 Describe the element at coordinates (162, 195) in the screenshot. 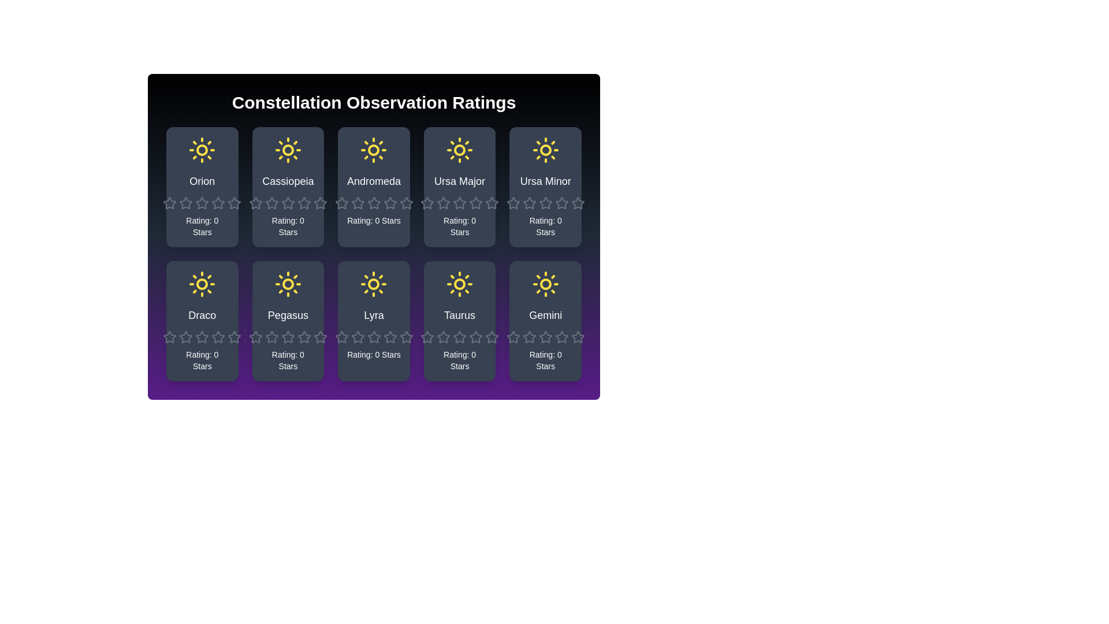

I see `the rating of a constellation to 1 stars by clicking on the corresponding star` at that location.